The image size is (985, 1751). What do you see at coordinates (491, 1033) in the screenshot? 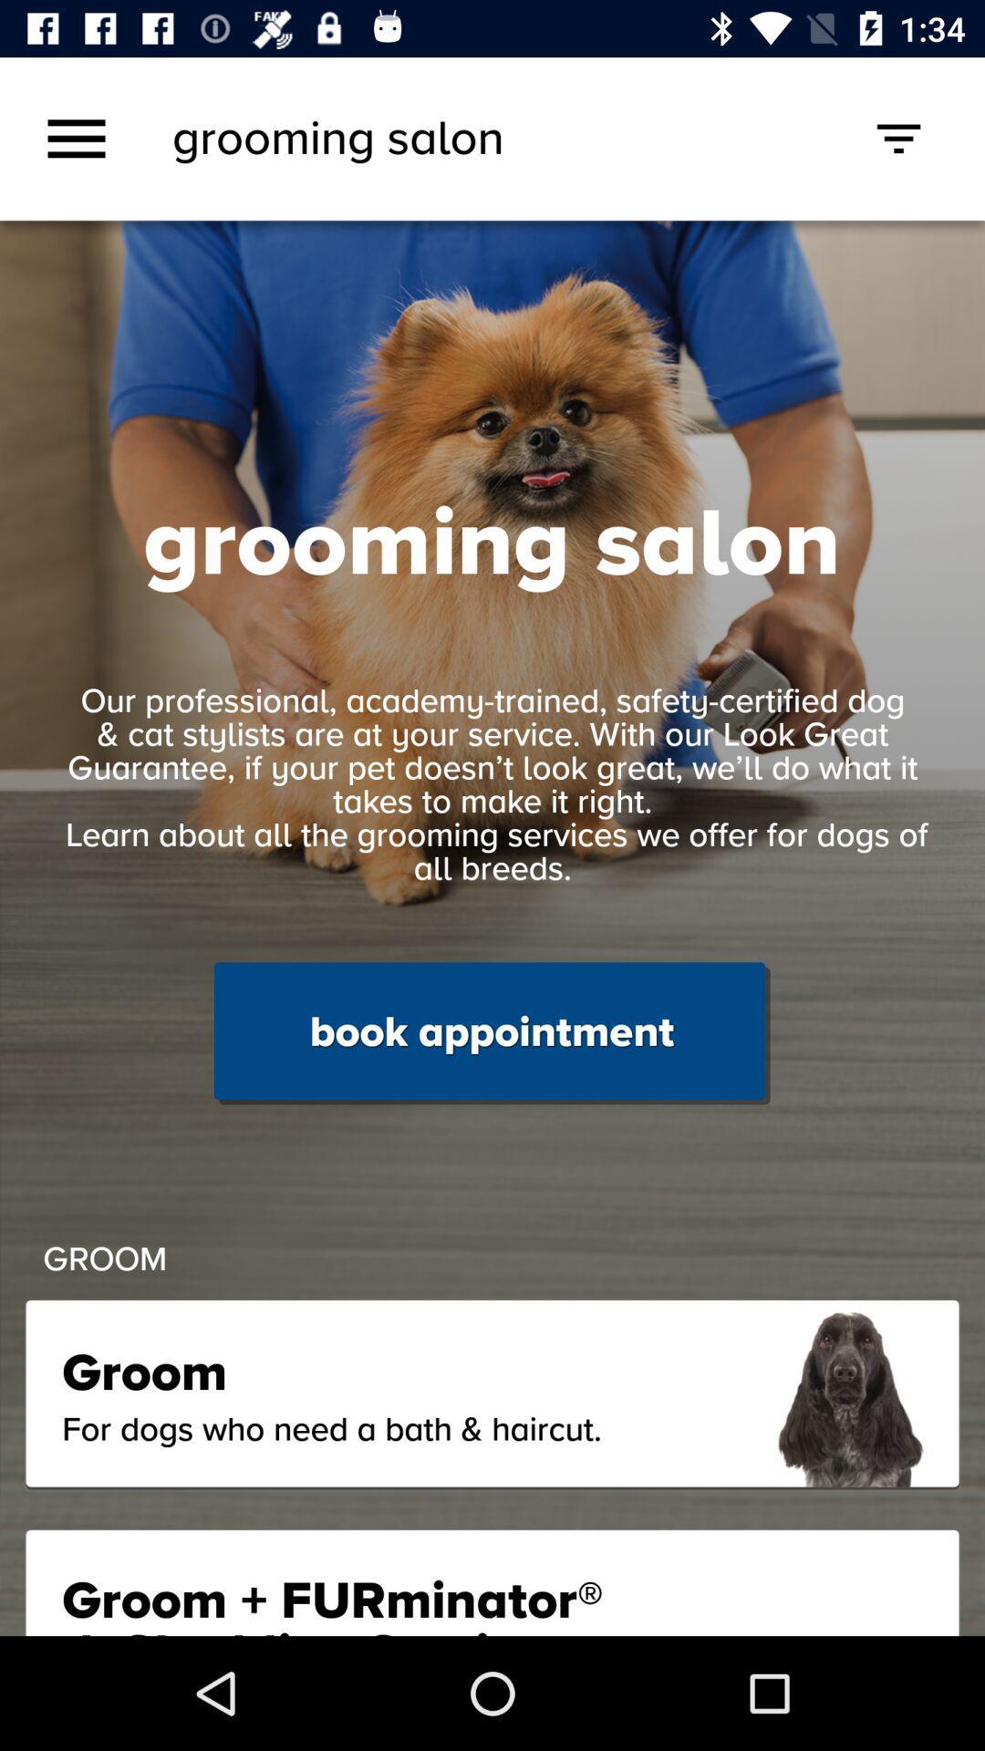
I see `the book appointment` at bounding box center [491, 1033].